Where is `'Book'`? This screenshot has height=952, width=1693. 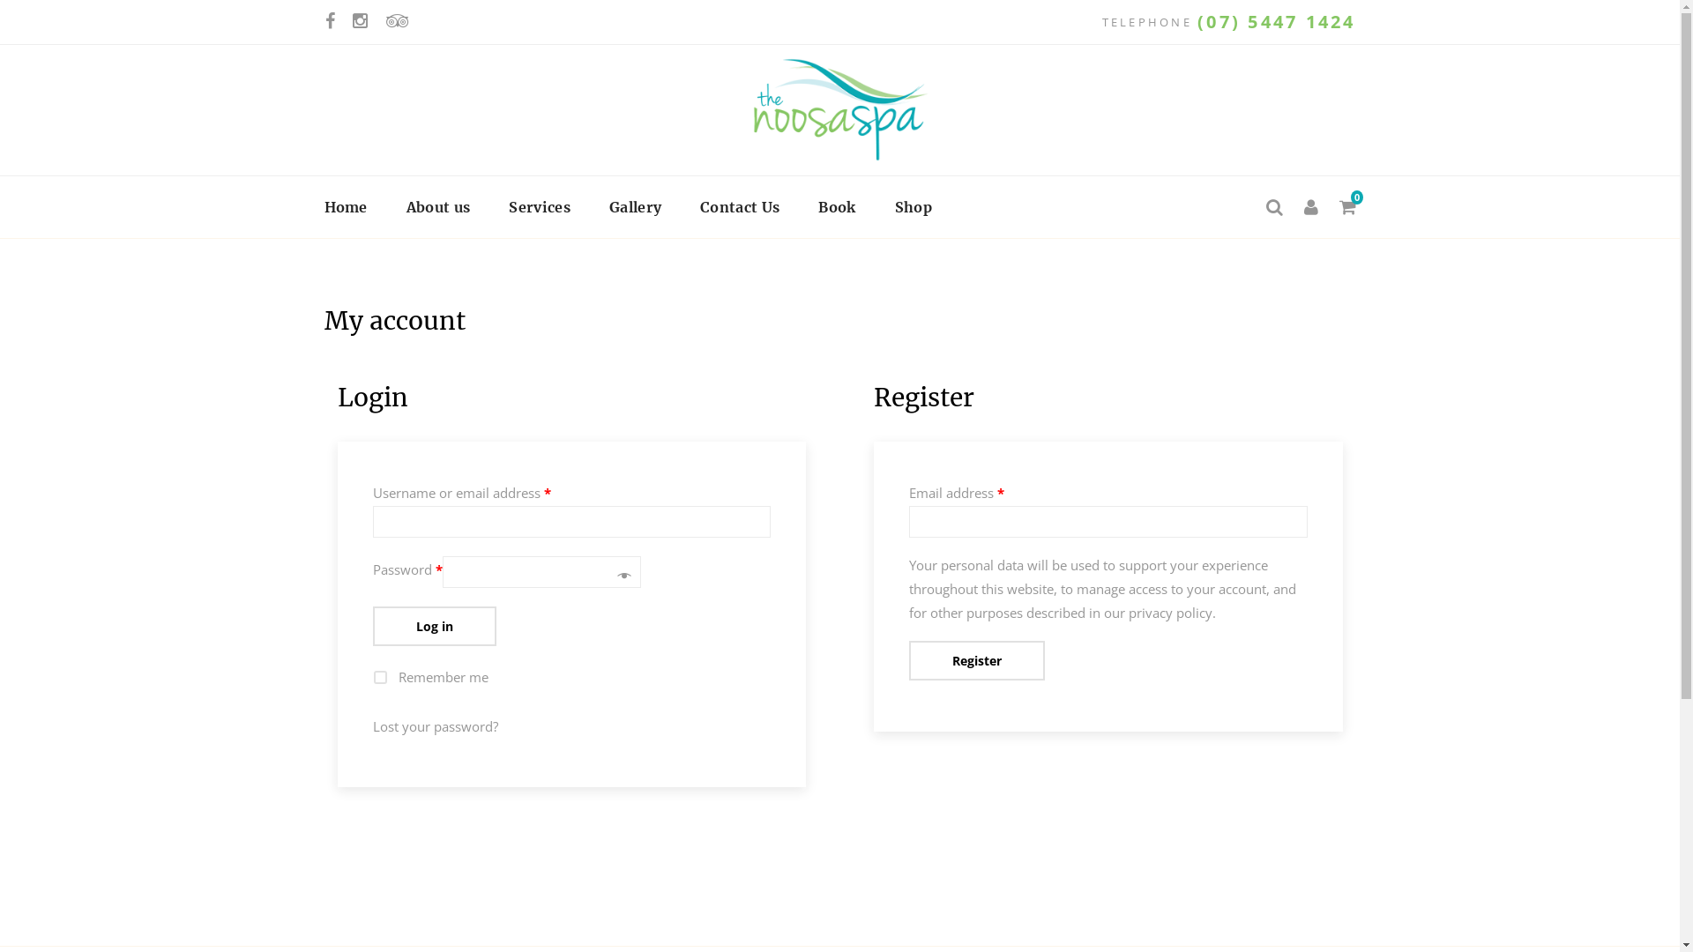
'Book' is located at coordinates (836, 206).